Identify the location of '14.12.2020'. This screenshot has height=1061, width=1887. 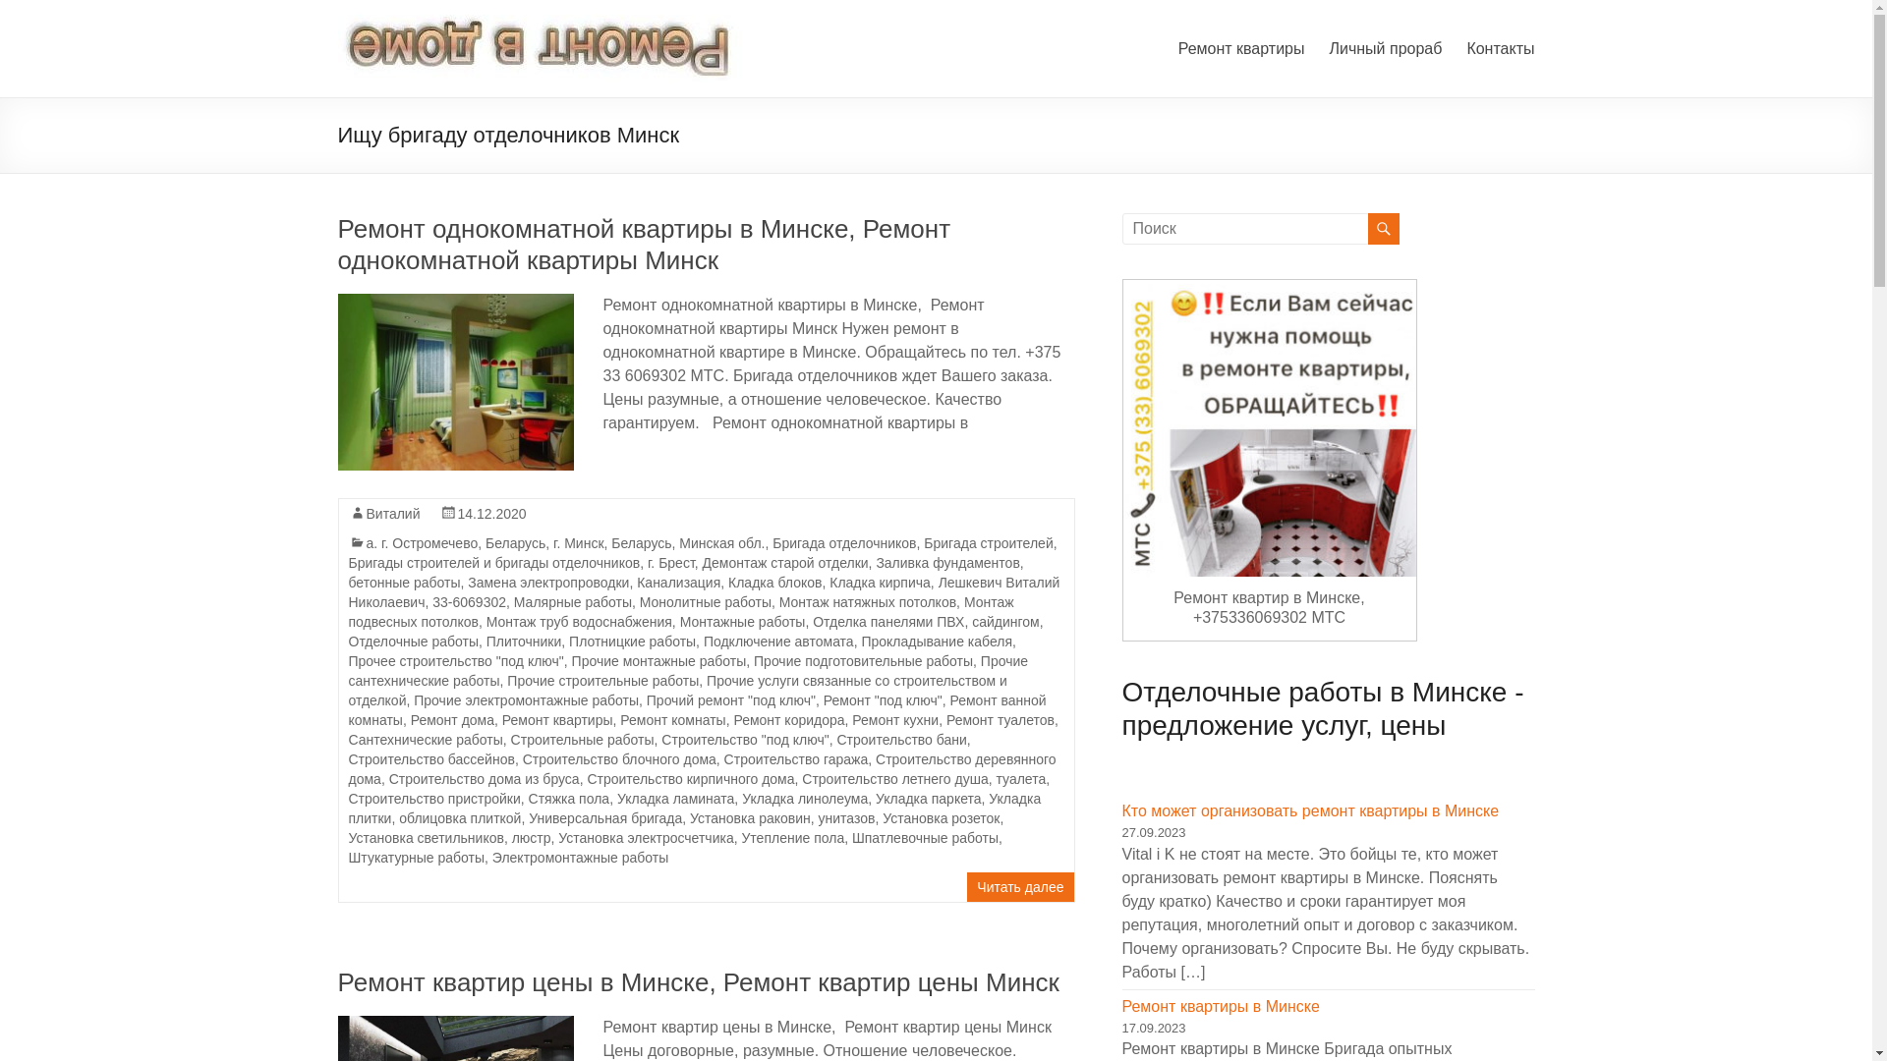
(491, 513).